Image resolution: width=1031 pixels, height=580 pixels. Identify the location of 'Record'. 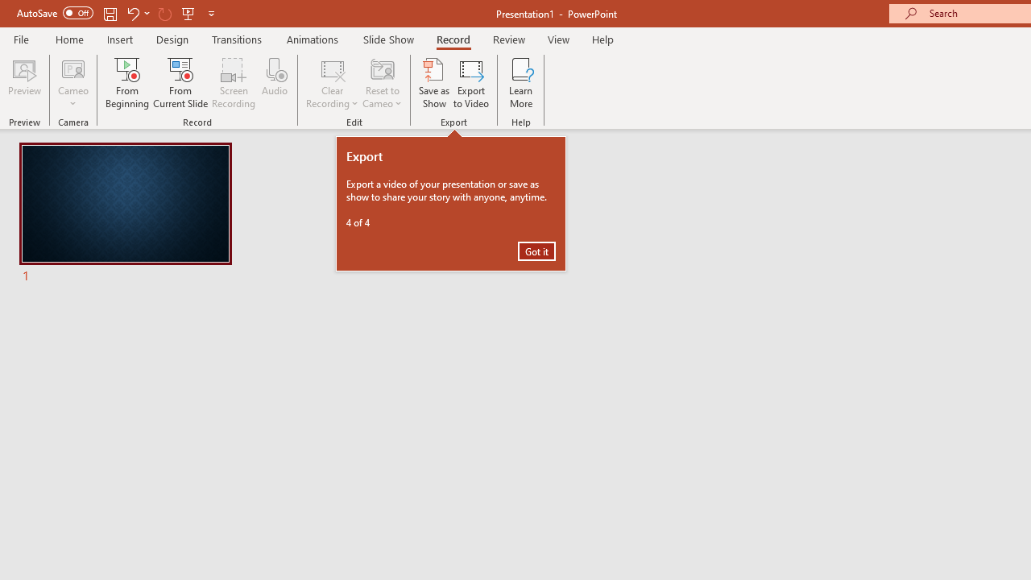
(452, 39).